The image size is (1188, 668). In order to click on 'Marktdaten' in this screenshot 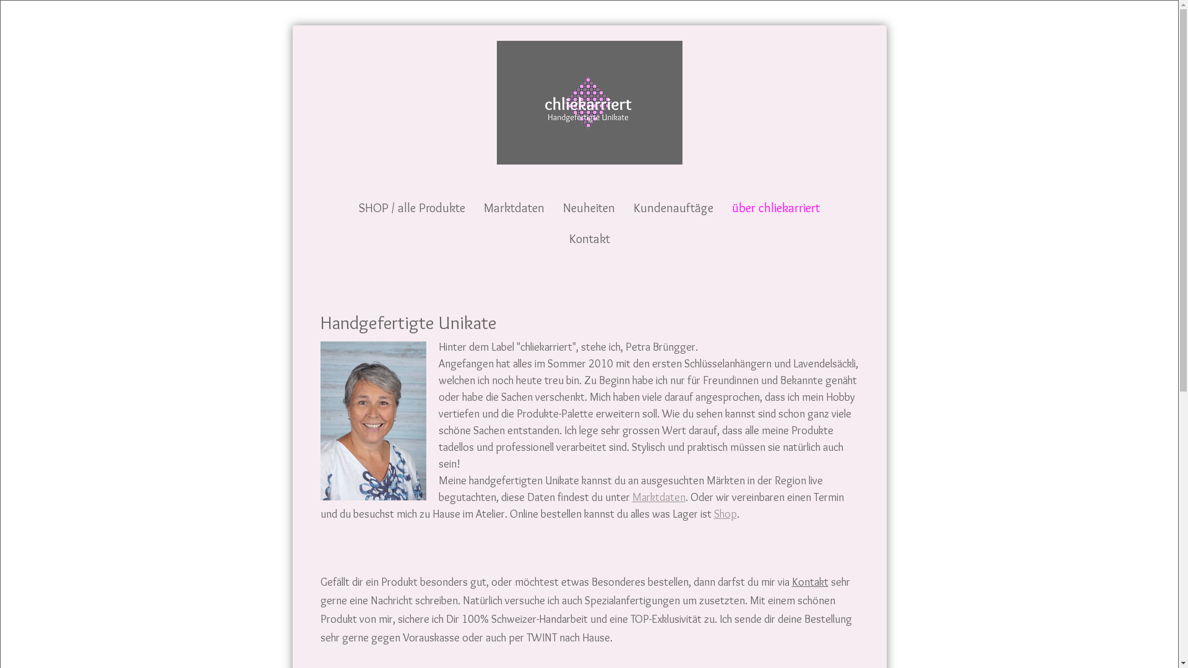, I will do `click(658, 495)`.